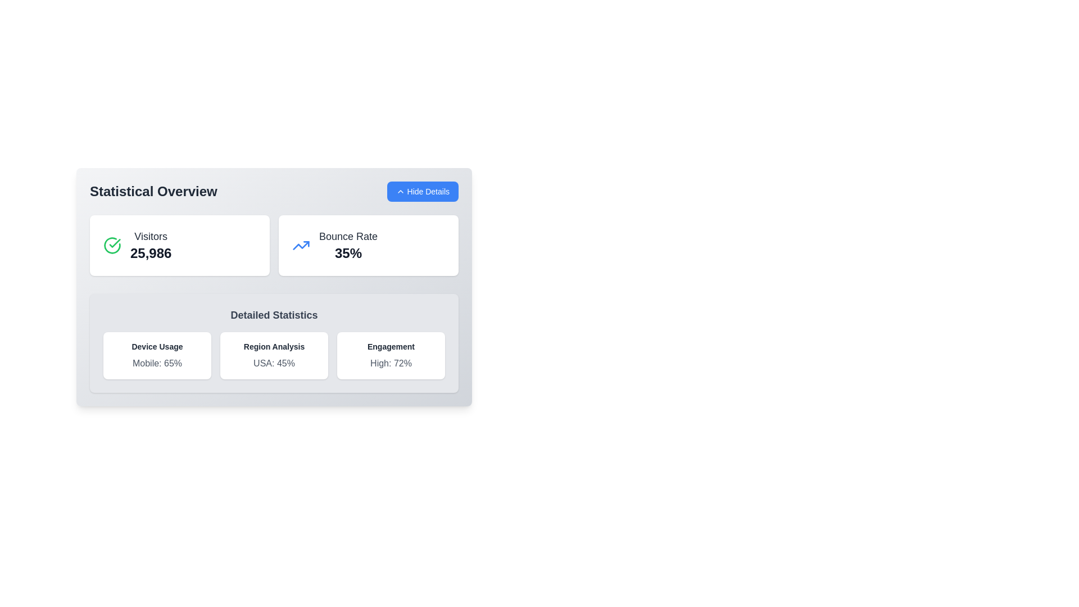  Describe the element at coordinates (391, 355) in the screenshot. I see `the Informational display card that shows 'Engagement' and 'High: 72%' in a grid layout's bottom right corner` at that location.